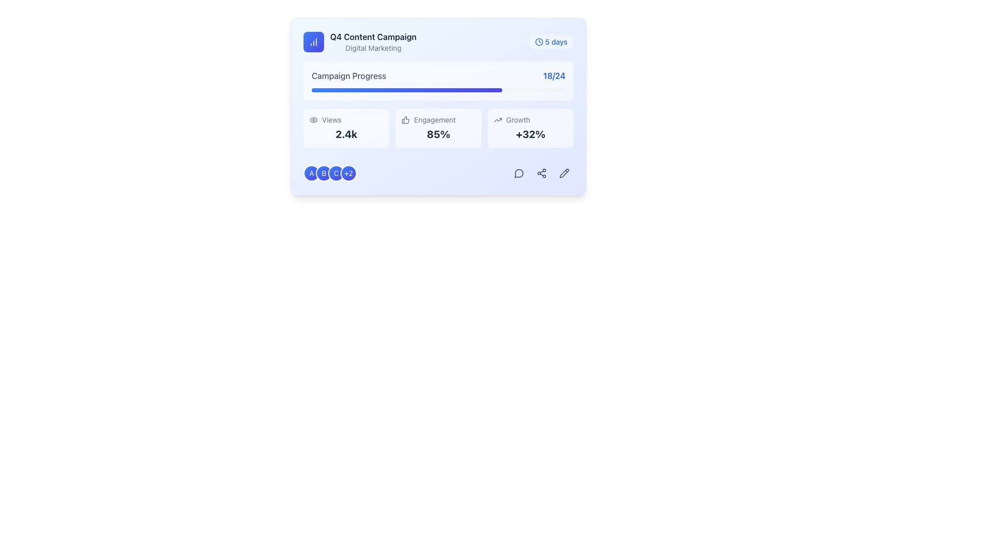 This screenshot has width=986, height=554. What do you see at coordinates (346, 128) in the screenshot?
I see `the Information Display Widget, which is a white card with a semi-transparent background, featuring an eye icon and the label 'Views' in gray text with a bold black number '2.4k' below it` at bounding box center [346, 128].